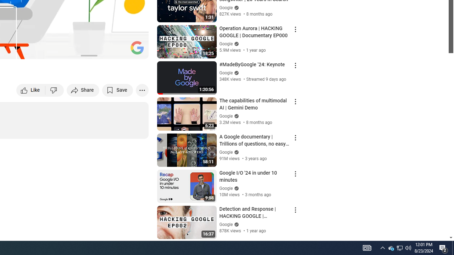 The width and height of the screenshot is (454, 255). What do you see at coordinates (236, 224) in the screenshot?
I see `'Verified'` at bounding box center [236, 224].